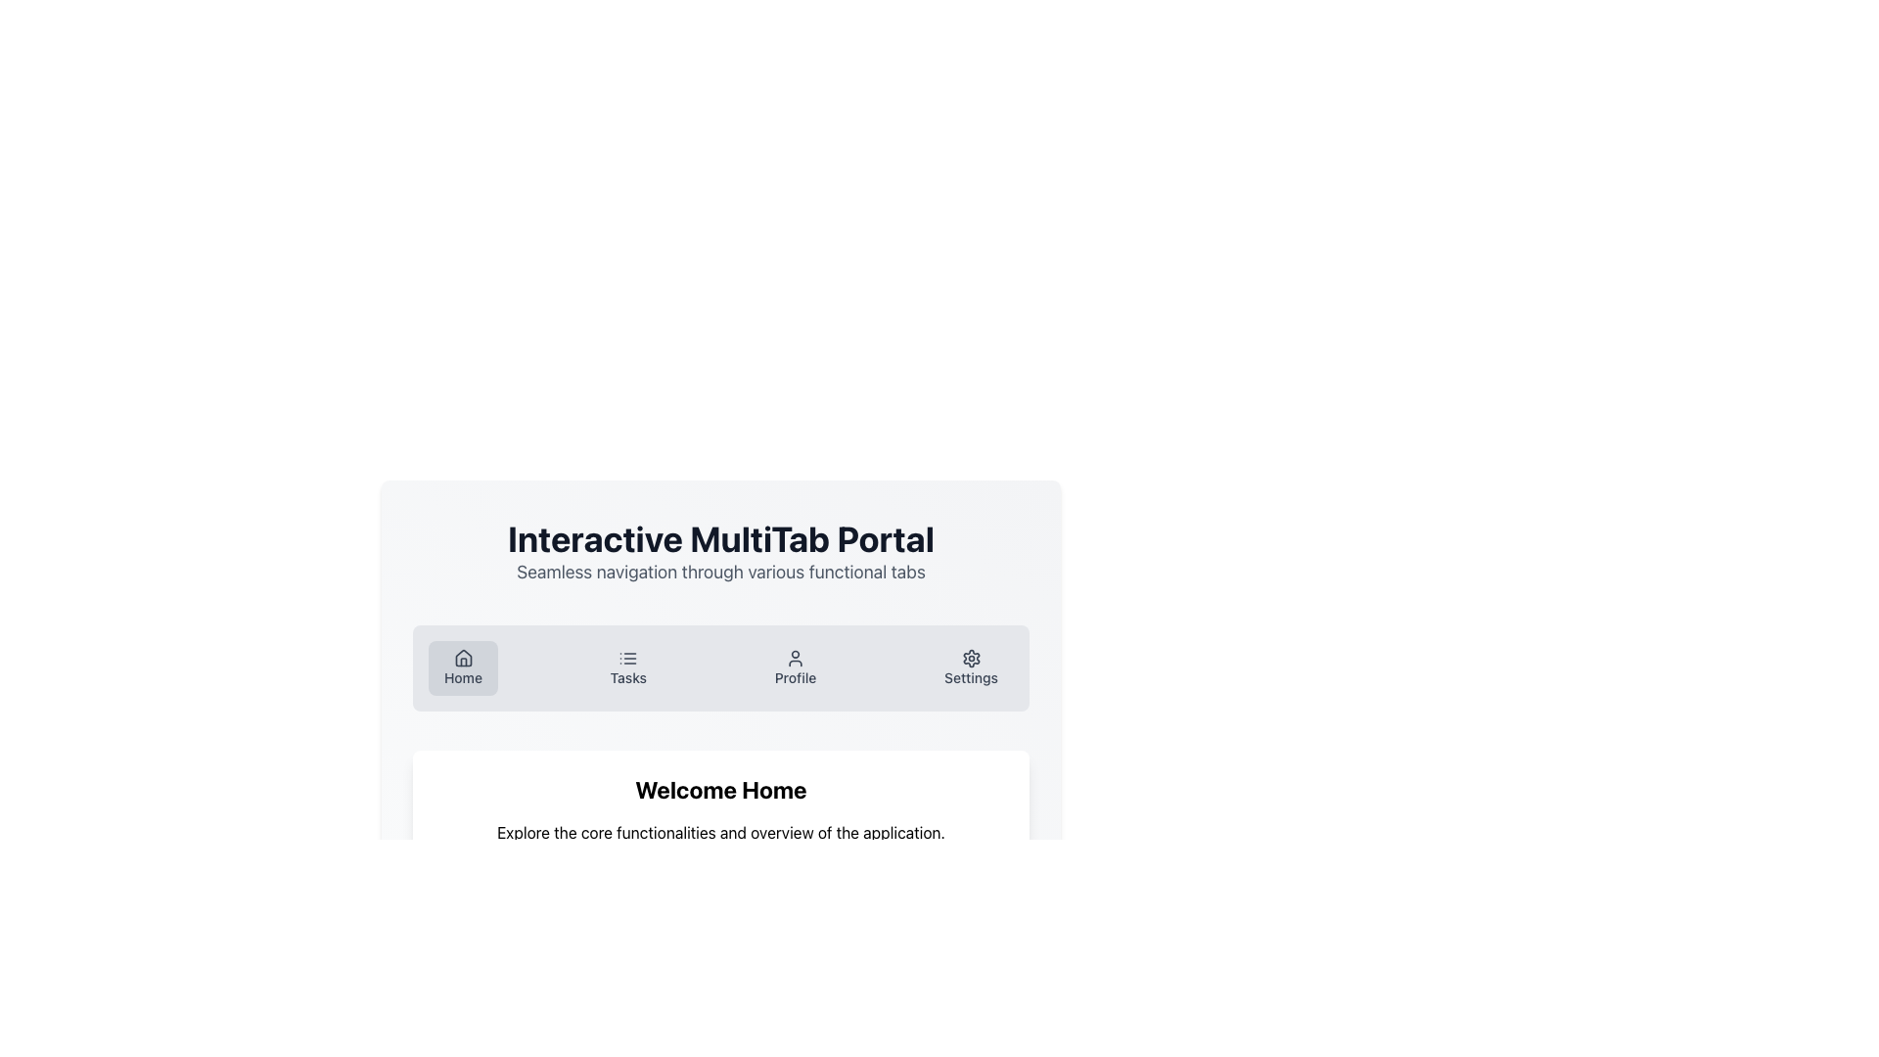 The width and height of the screenshot is (1879, 1057). I want to click on the 'Profile' button, which is a vertically aligned button with a circular user silhouette icon and the text label 'Profile', located in the navigation menu between 'Tasks' and 'Settings', so click(796, 666).